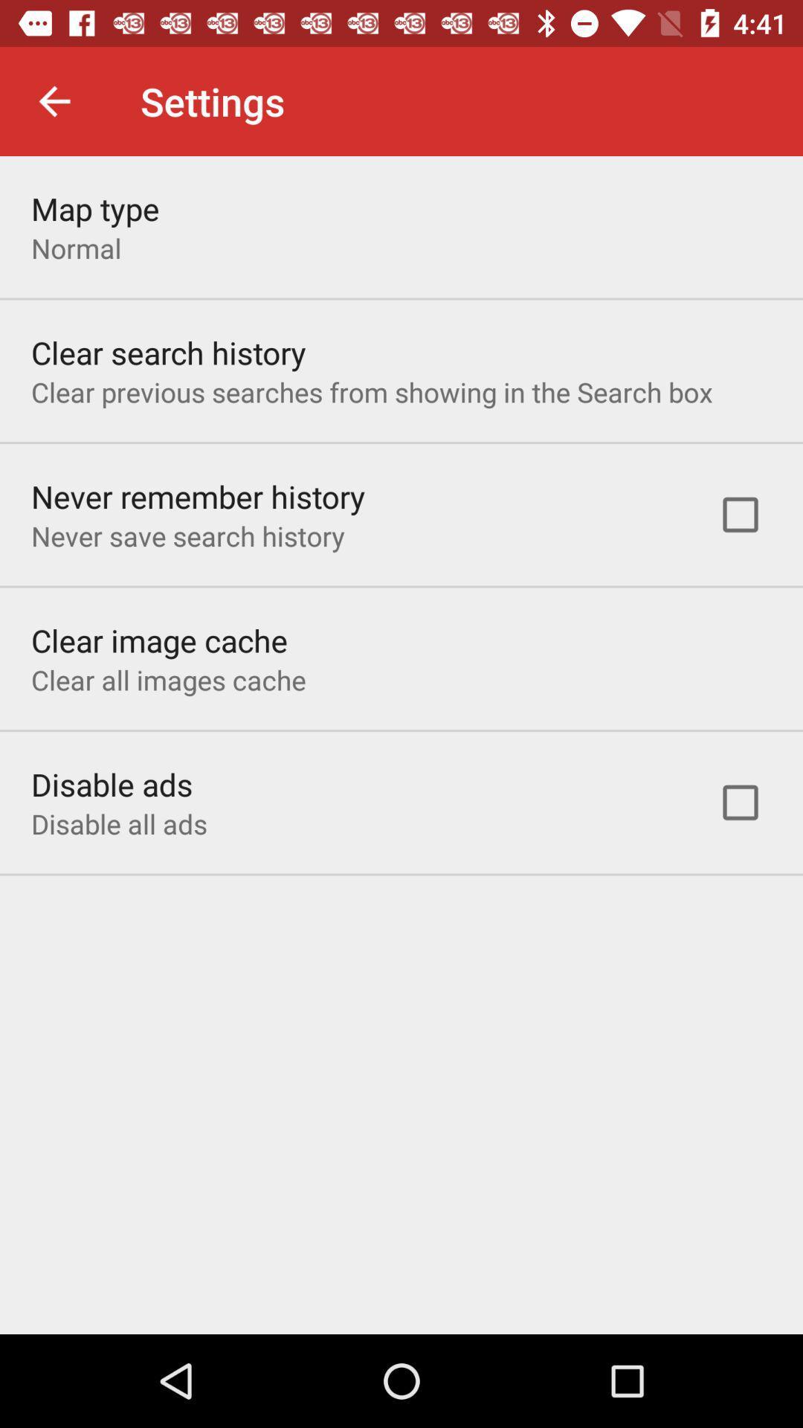 The height and width of the screenshot is (1428, 803). What do you see at coordinates (187, 535) in the screenshot?
I see `never save search icon` at bounding box center [187, 535].